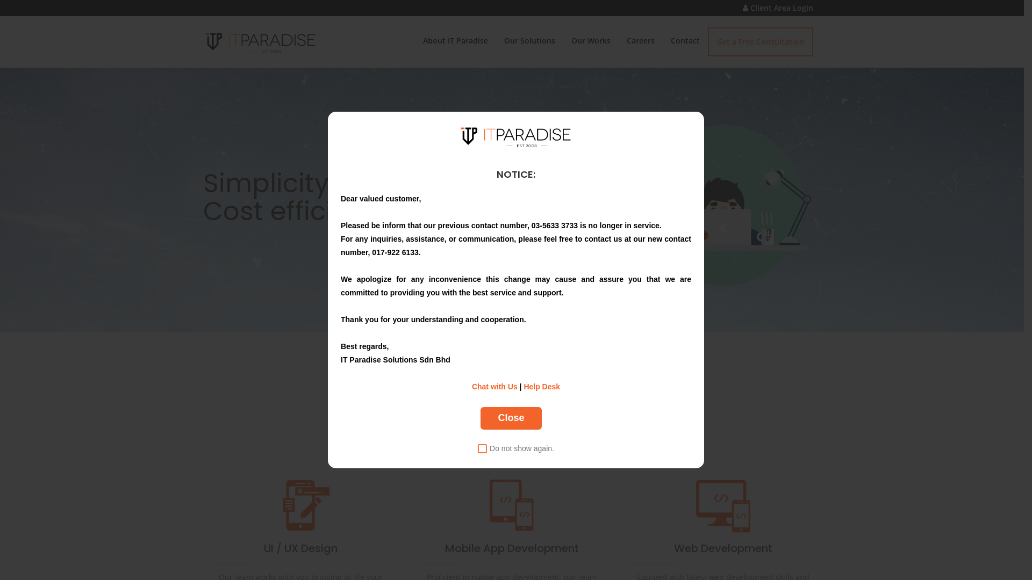 This screenshot has height=580, width=1032. Describe the element at coordinates (494, 387) in the screenshot. I see `'Chat with Us'` at that location.